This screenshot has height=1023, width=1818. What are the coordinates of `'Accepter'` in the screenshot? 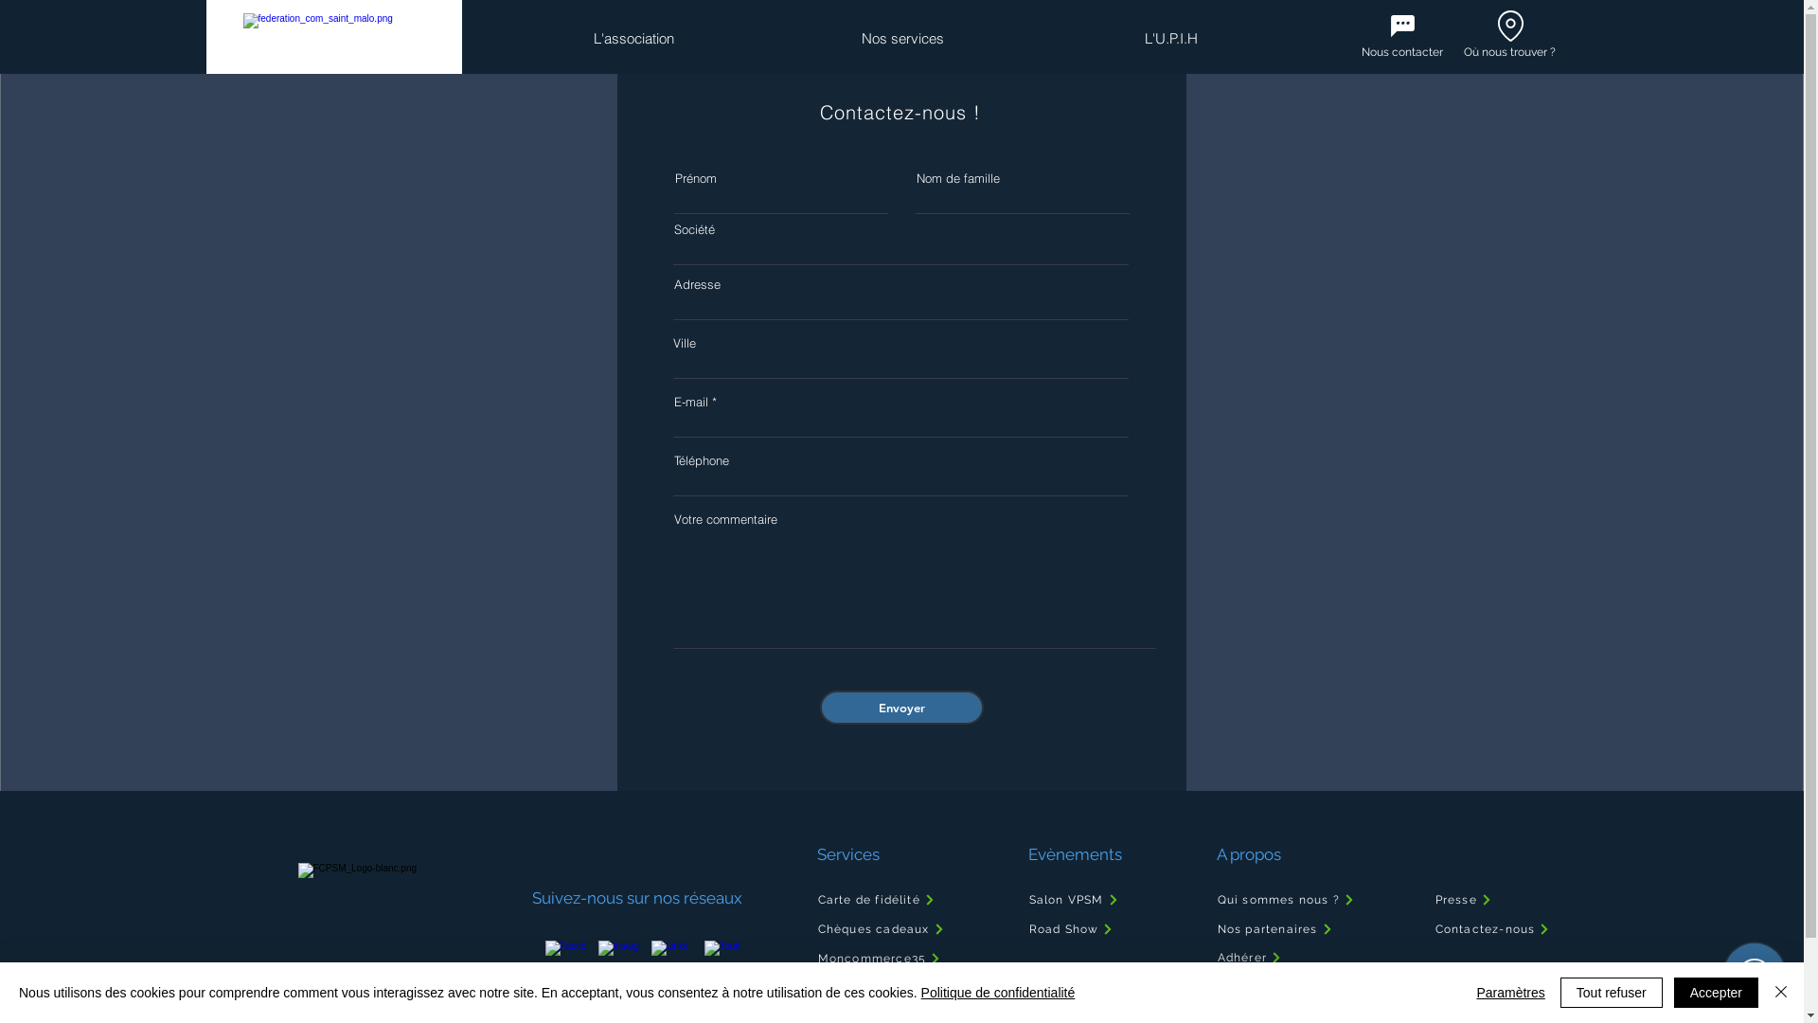 It's located at (1716, 992).